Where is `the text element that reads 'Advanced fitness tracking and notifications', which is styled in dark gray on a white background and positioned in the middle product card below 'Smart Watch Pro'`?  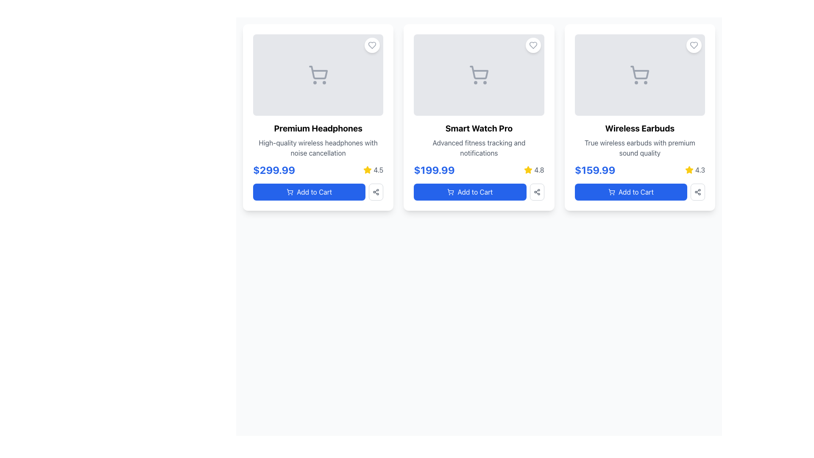
the text element that reads 'Advanced fitness tracking and notifications', which is styled in dark gray on a white background and positioned in the middle product card below 'Smart Watch Pro' is located at coordinates (479, 147).